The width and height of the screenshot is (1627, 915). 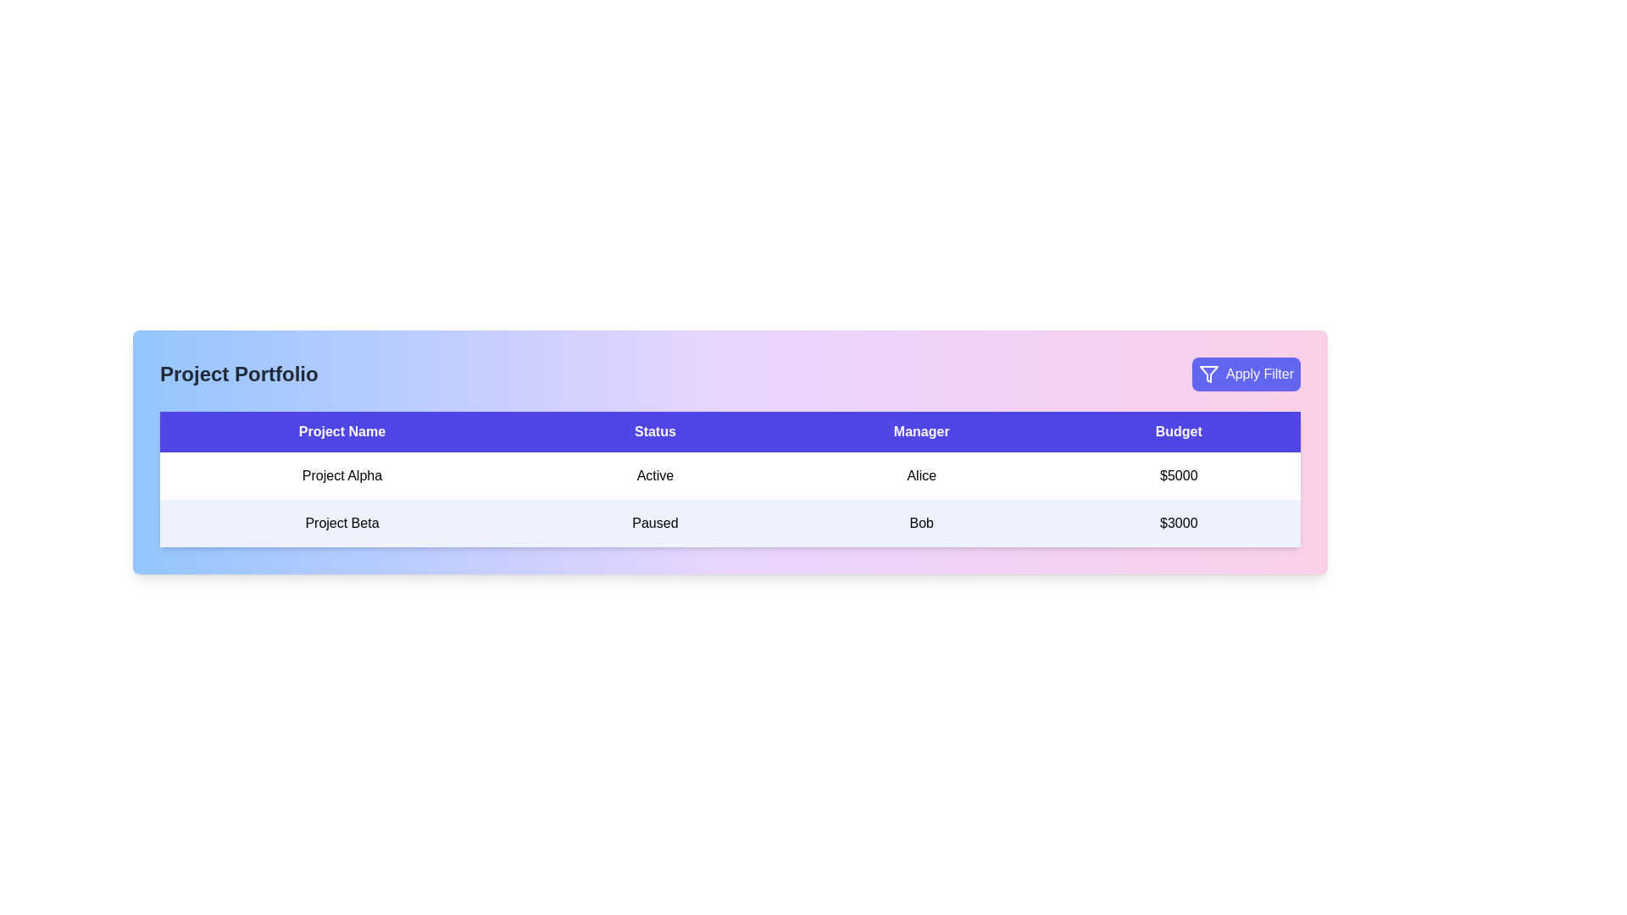 What do you see at coordinates (1178, 430) in the screenshot?
I see `text in the 'Budget' column header of the table, which is the fourth header from the left in a horizontal row of headers` at bounding box center [1178, 430].